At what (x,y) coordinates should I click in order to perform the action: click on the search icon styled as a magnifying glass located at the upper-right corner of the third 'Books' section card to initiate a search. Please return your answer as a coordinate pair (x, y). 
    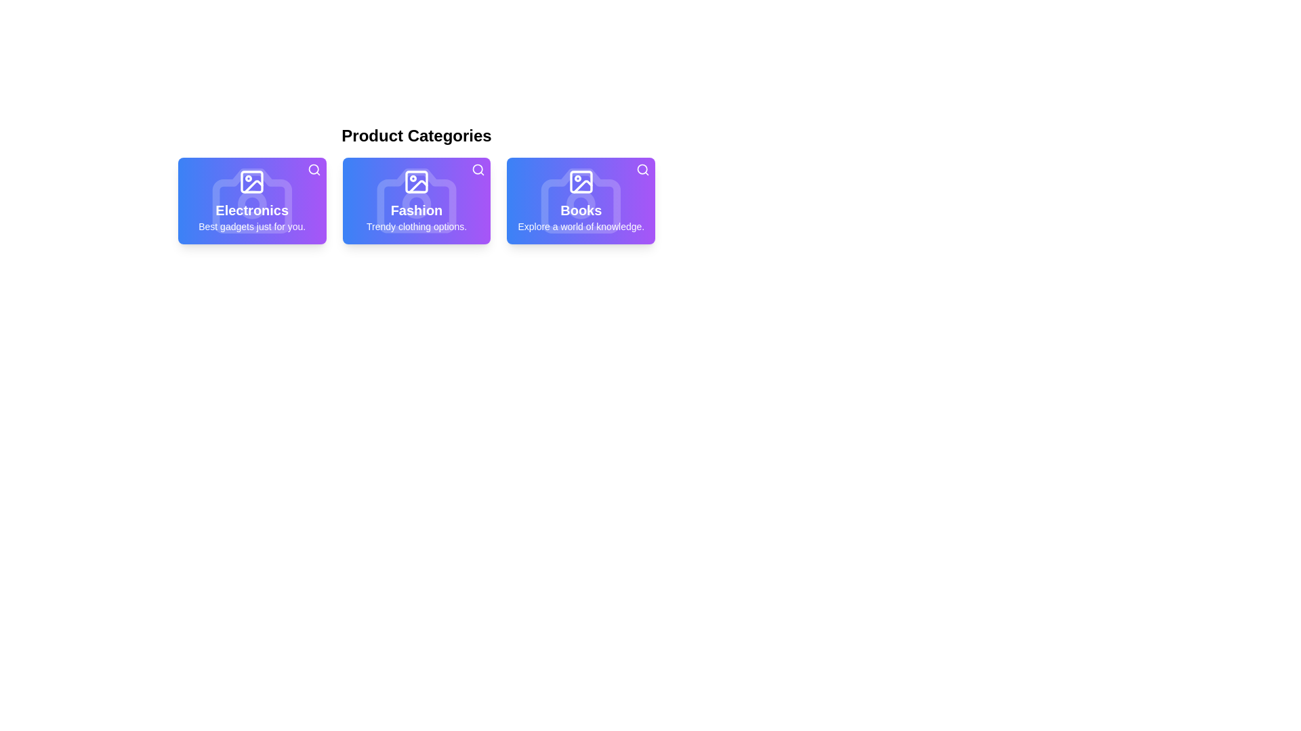
    Looking at the image, I should click on (642, 169).